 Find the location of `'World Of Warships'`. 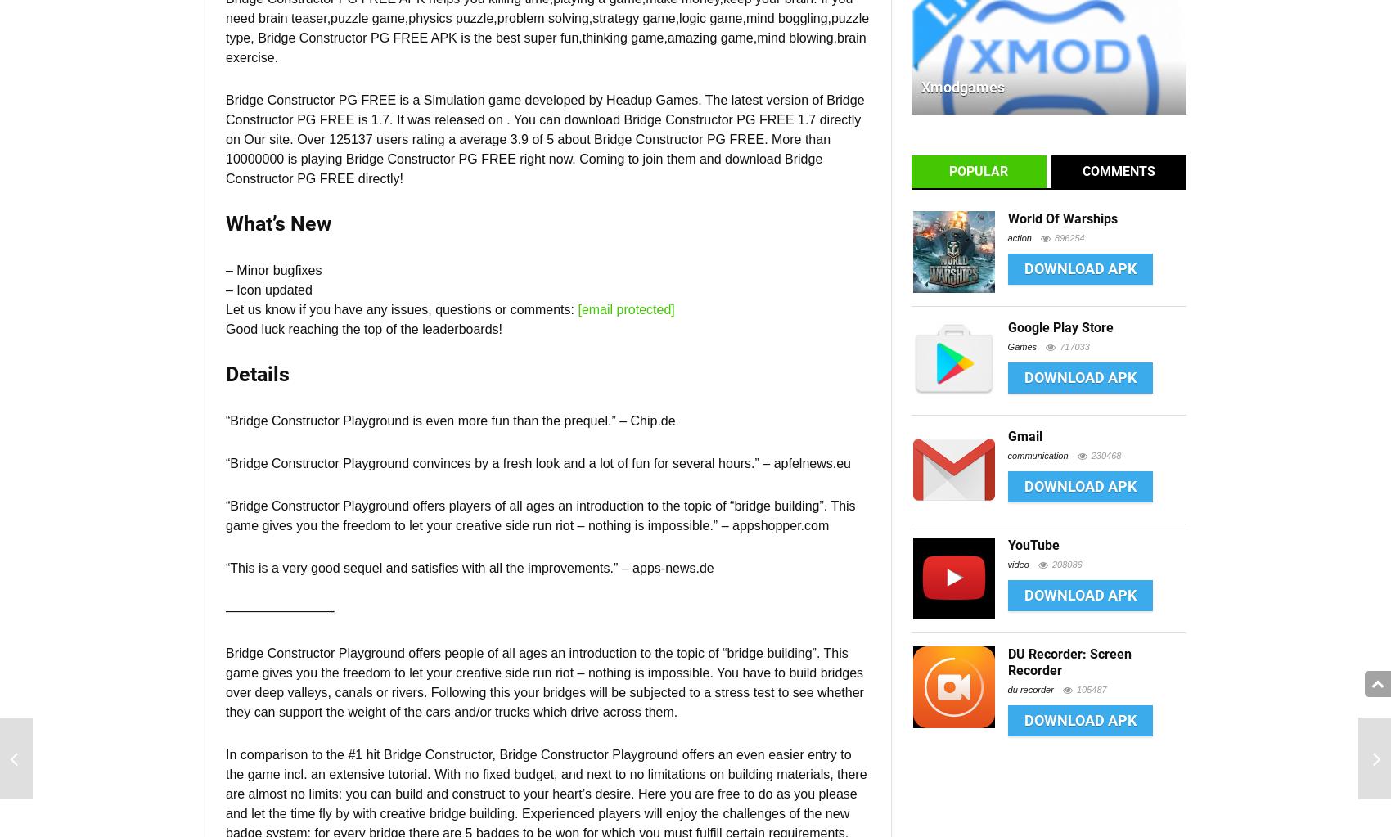

'World Of Warships' is located at coordinates (1061, 218).